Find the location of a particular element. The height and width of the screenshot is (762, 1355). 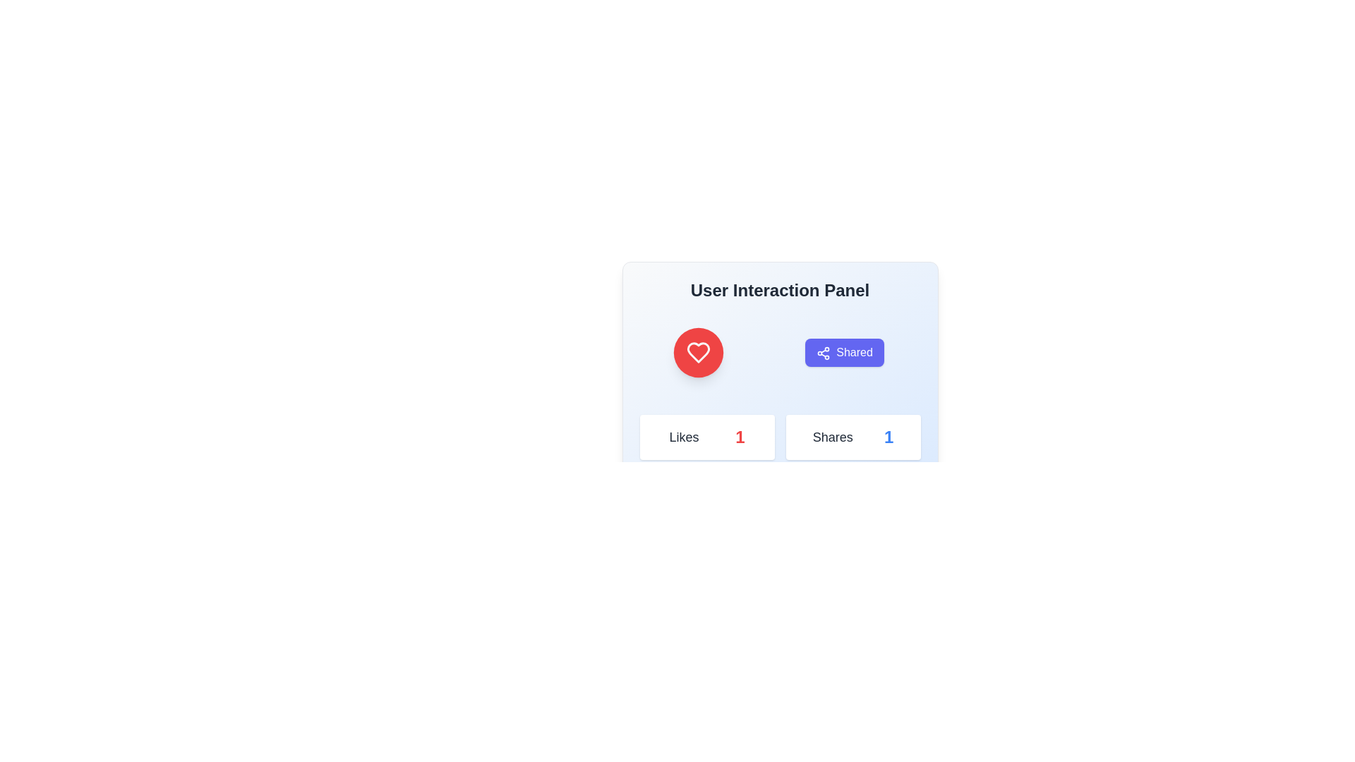

the text display element that indicates the number of likes, which is part of the 'Likes' panel in the user interaction interface is located at coordinates (739, 437).